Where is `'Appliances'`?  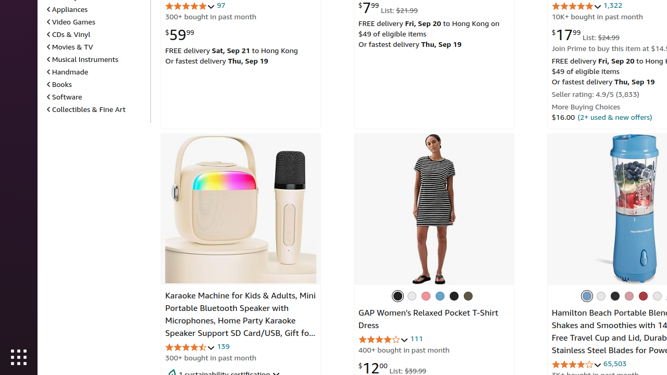
'Appliances' is located at coordinates (67, 9).